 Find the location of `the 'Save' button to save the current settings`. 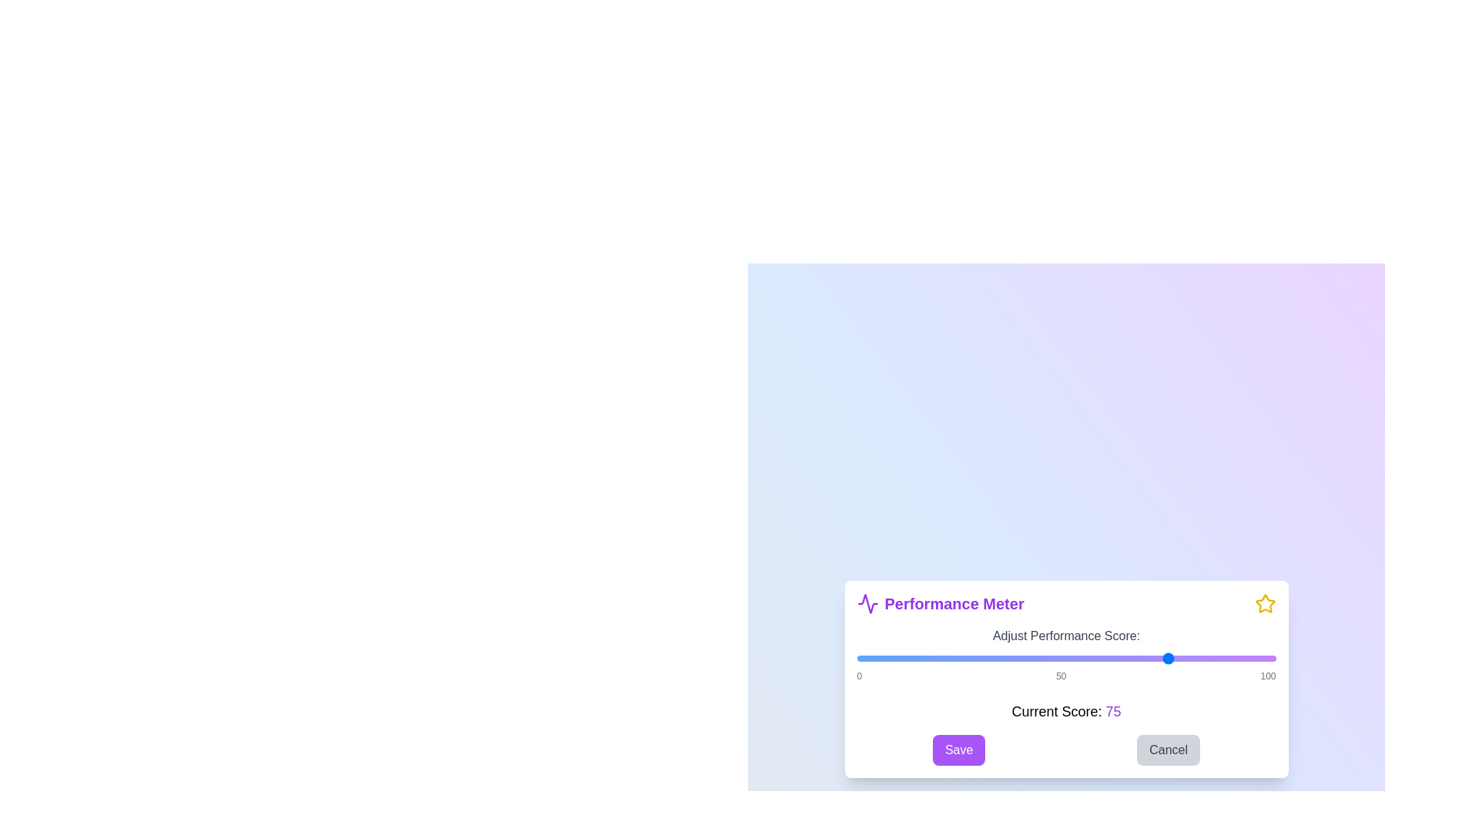

the 'Save' button to save the current settings is located at coordinates (958, 750).